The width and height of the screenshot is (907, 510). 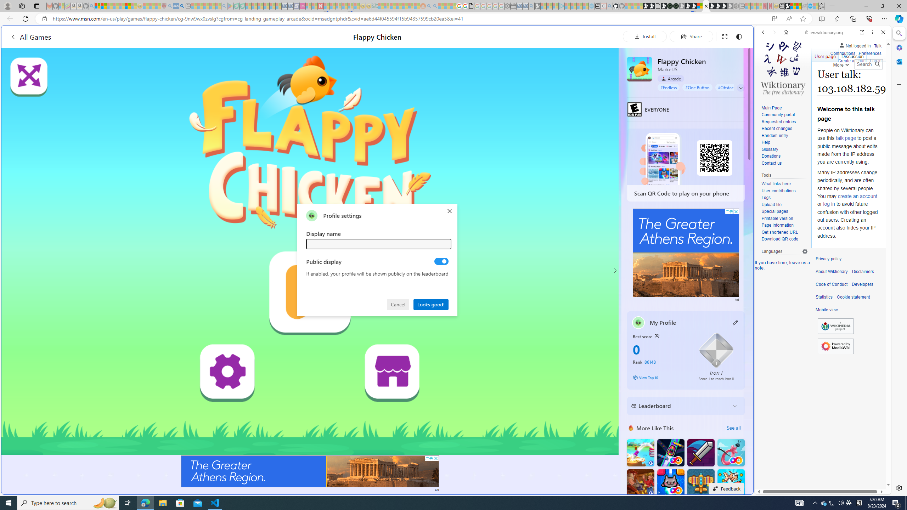 I want to click on 'Bluey: Let', so click(x=230, y=6).